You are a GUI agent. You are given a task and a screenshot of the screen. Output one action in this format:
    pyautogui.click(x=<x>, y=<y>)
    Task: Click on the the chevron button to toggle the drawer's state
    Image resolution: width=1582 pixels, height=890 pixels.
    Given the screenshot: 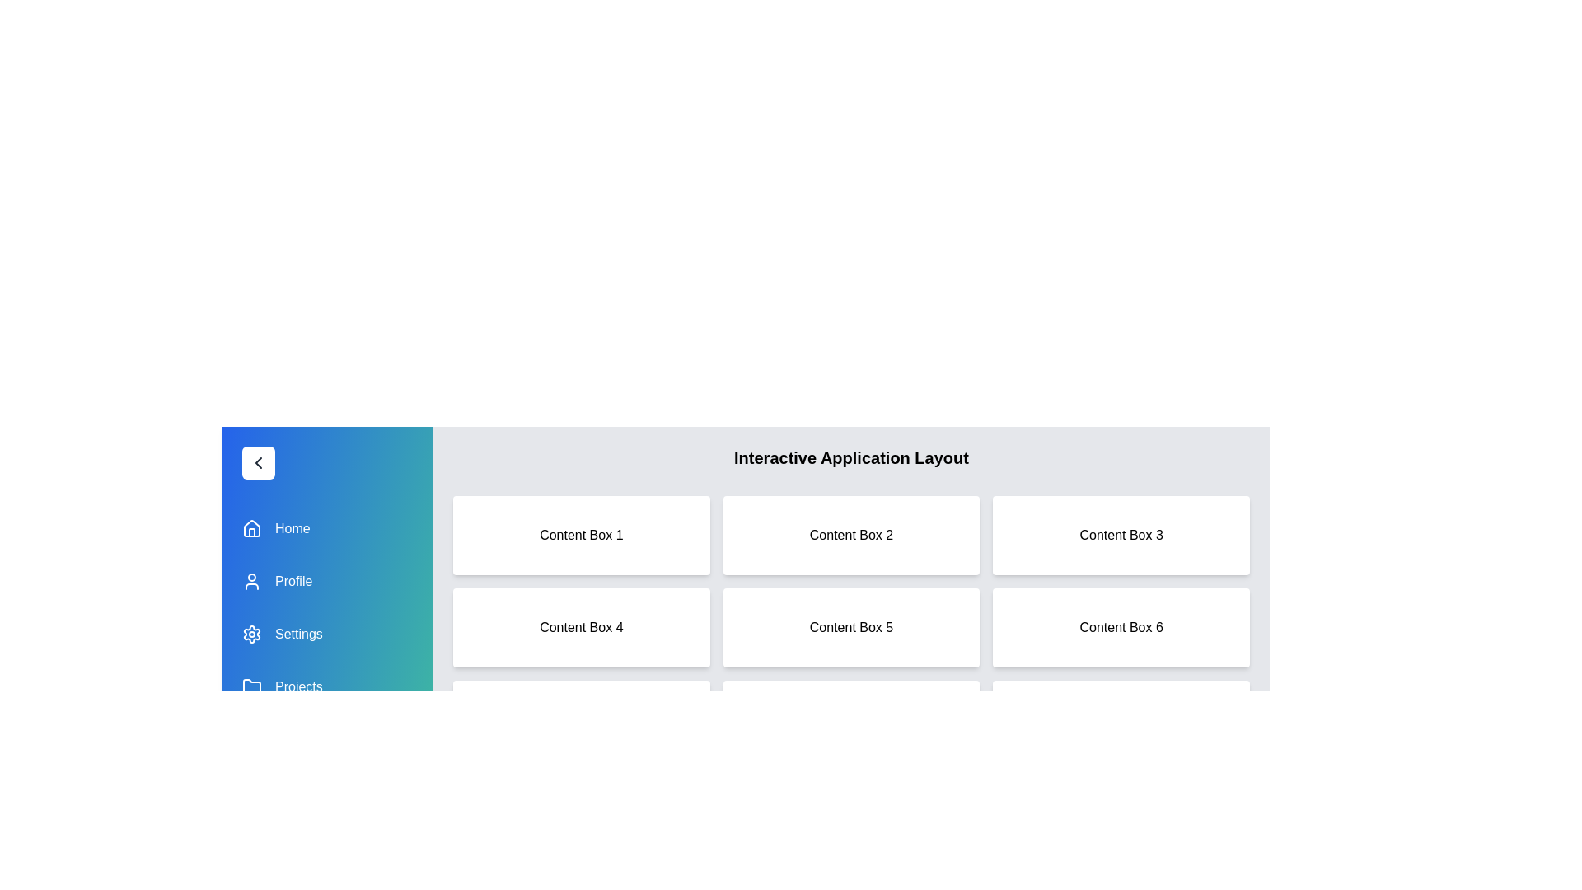 What is the action you would take?
    pyautogui.click(x=257, y=463)
    